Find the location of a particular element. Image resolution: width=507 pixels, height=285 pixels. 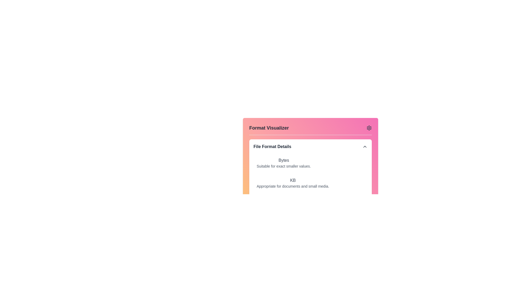

the chevron icon located on the far right side of the 'File Format Details' header is located at coordinates (365, 146).